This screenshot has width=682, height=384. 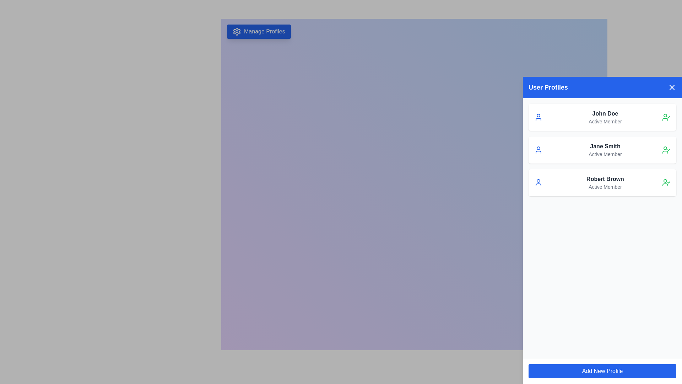 I want to click on the blue user profile icon representing 'Robert Brown', which is located on the left side of his profile card in the user profiles list, so click(x=538, y=182).